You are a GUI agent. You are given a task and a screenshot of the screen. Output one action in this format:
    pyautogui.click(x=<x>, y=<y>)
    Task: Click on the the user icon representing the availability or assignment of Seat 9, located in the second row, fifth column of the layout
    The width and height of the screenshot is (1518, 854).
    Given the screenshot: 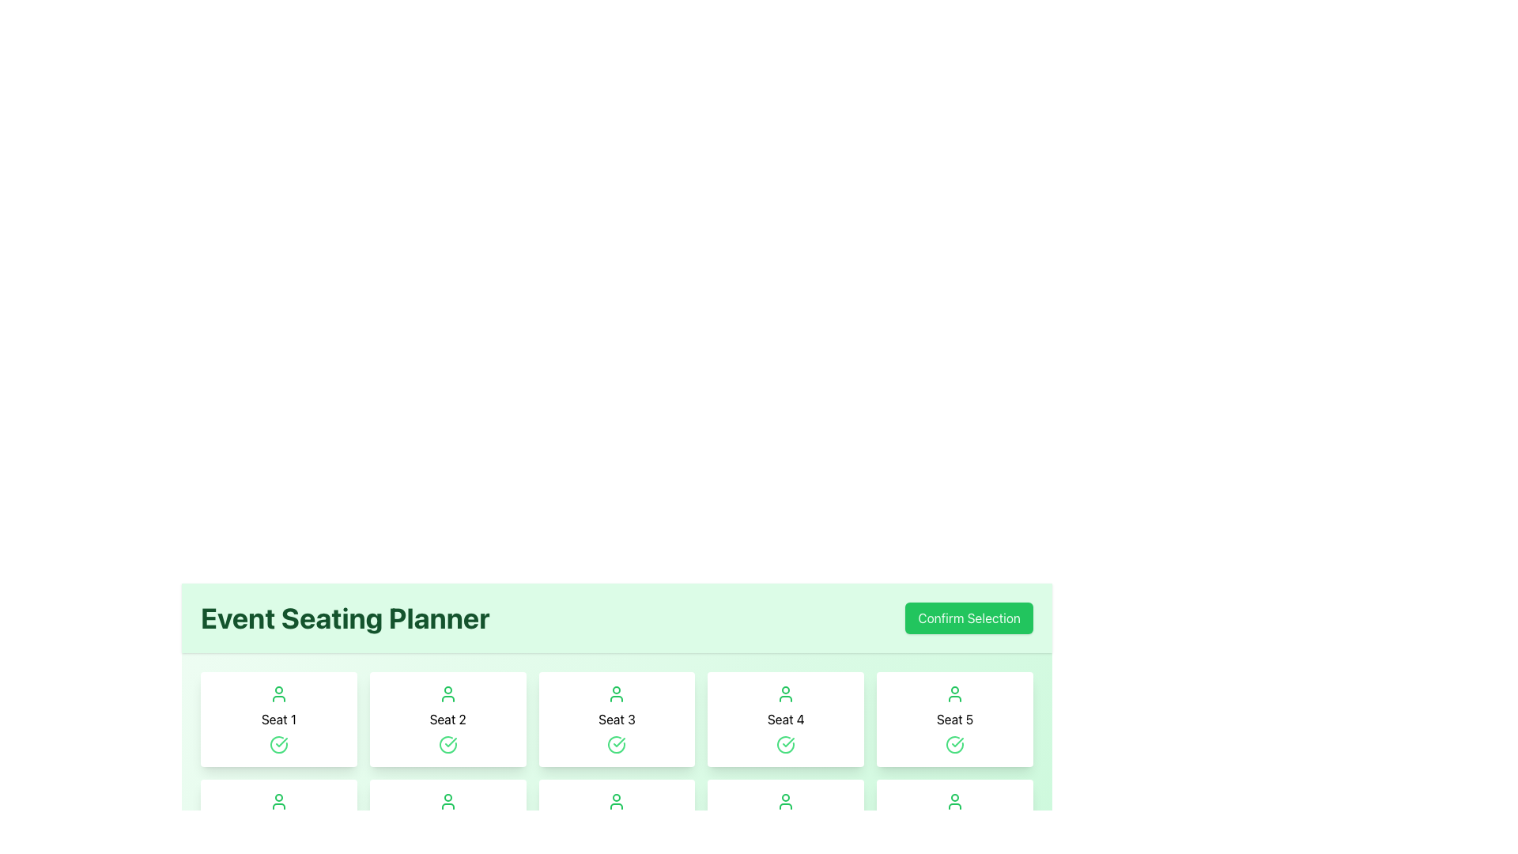 What is the action you would take?
    pyautogui.click(x=786, y=802)
    